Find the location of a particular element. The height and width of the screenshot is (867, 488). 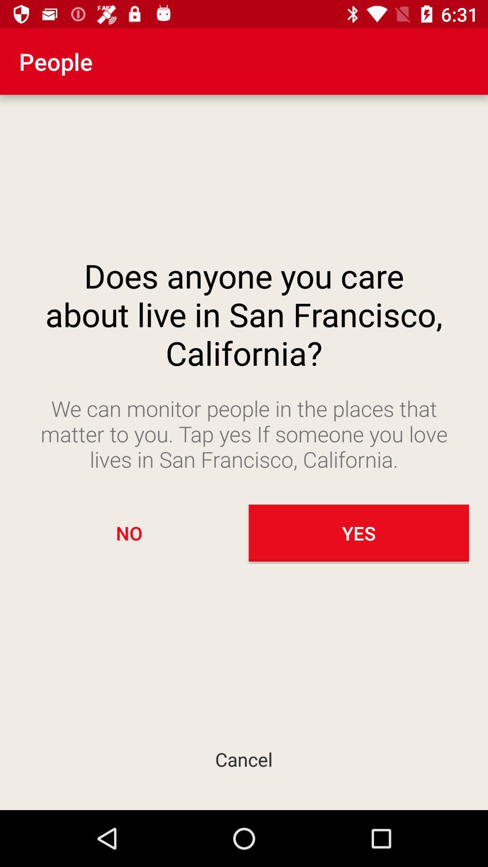

the icon above cancel icon is located at coordinates (129, 533).